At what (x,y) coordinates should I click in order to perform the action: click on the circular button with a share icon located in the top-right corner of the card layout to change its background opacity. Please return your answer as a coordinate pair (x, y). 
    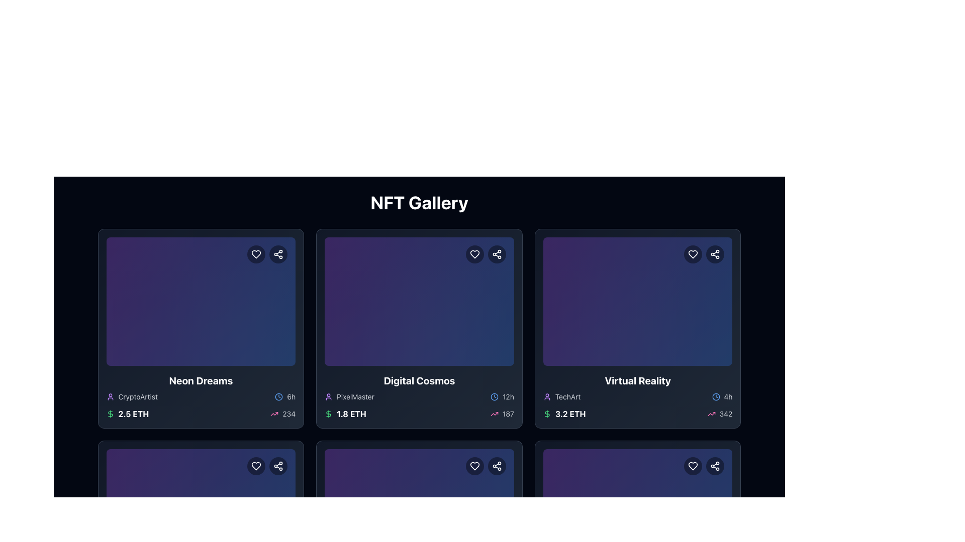
    Looking at the image, I should click on (278, 466).